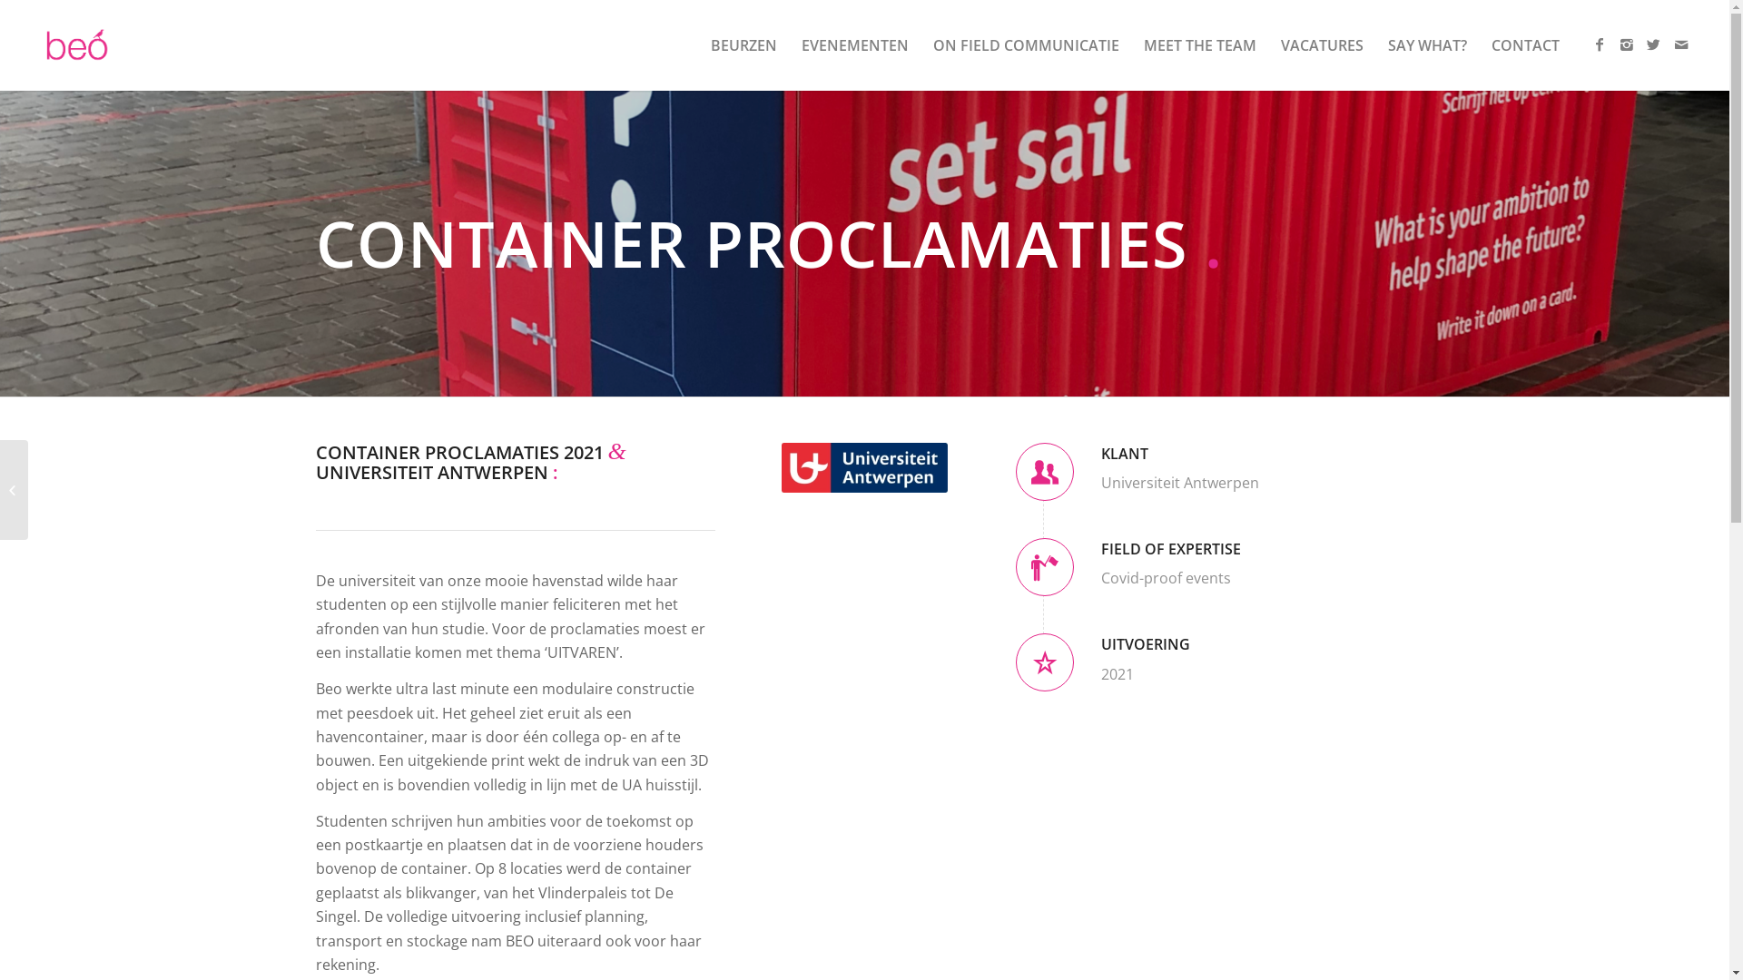 This screenshot has width=1743, height=980. I want to click on 'MEET THE TEAM', so click(1199, 44).